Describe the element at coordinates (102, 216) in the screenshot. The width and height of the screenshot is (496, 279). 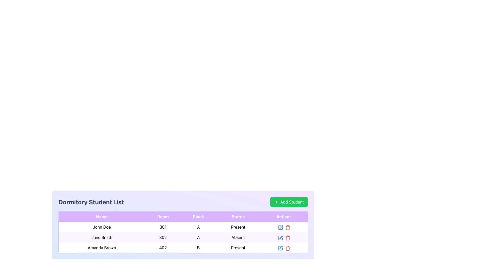
I see `the label indicating the first column of the table which contains names of individuals listed below, aligned with 'Room', 'Block', 'Status', and 'Actions' headers` at that location.